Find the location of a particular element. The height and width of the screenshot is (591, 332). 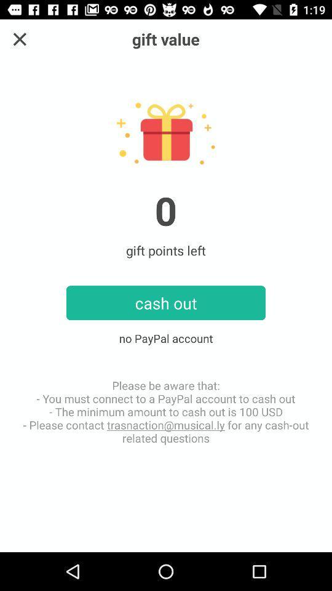

the item to the left of the gift value app is located at coordinates (19, 39).